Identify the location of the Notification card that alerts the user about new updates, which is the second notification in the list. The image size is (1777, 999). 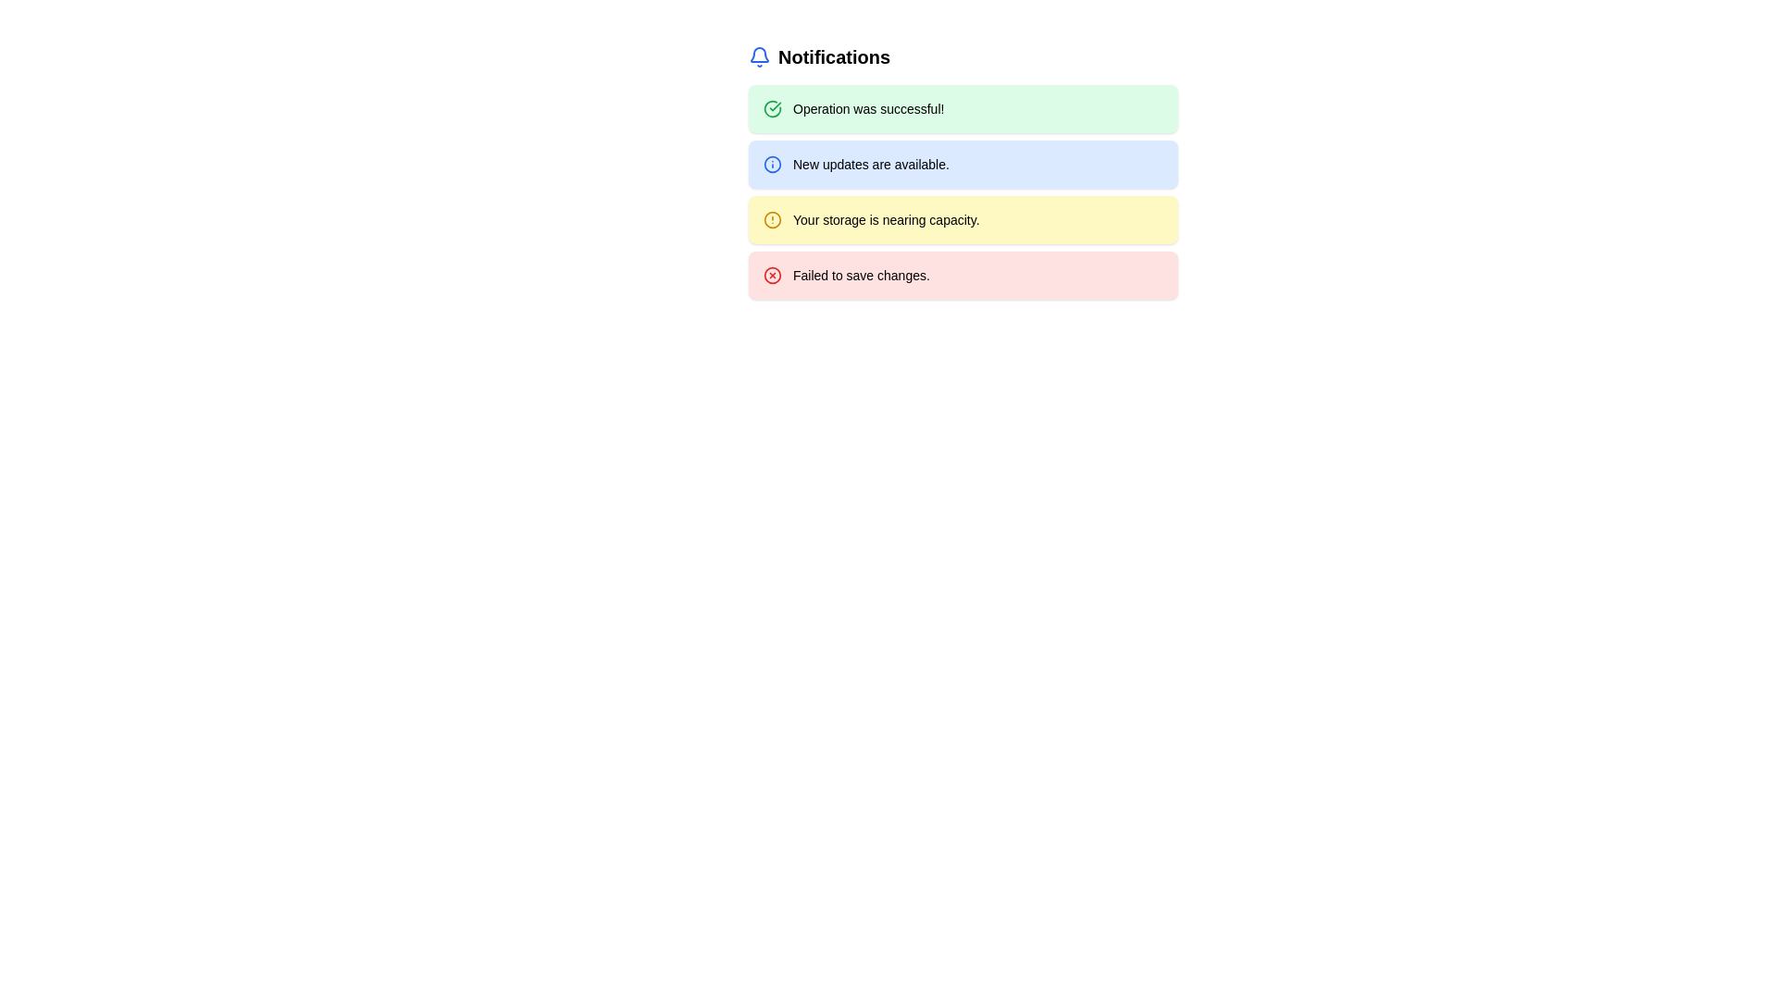
(963, 163).